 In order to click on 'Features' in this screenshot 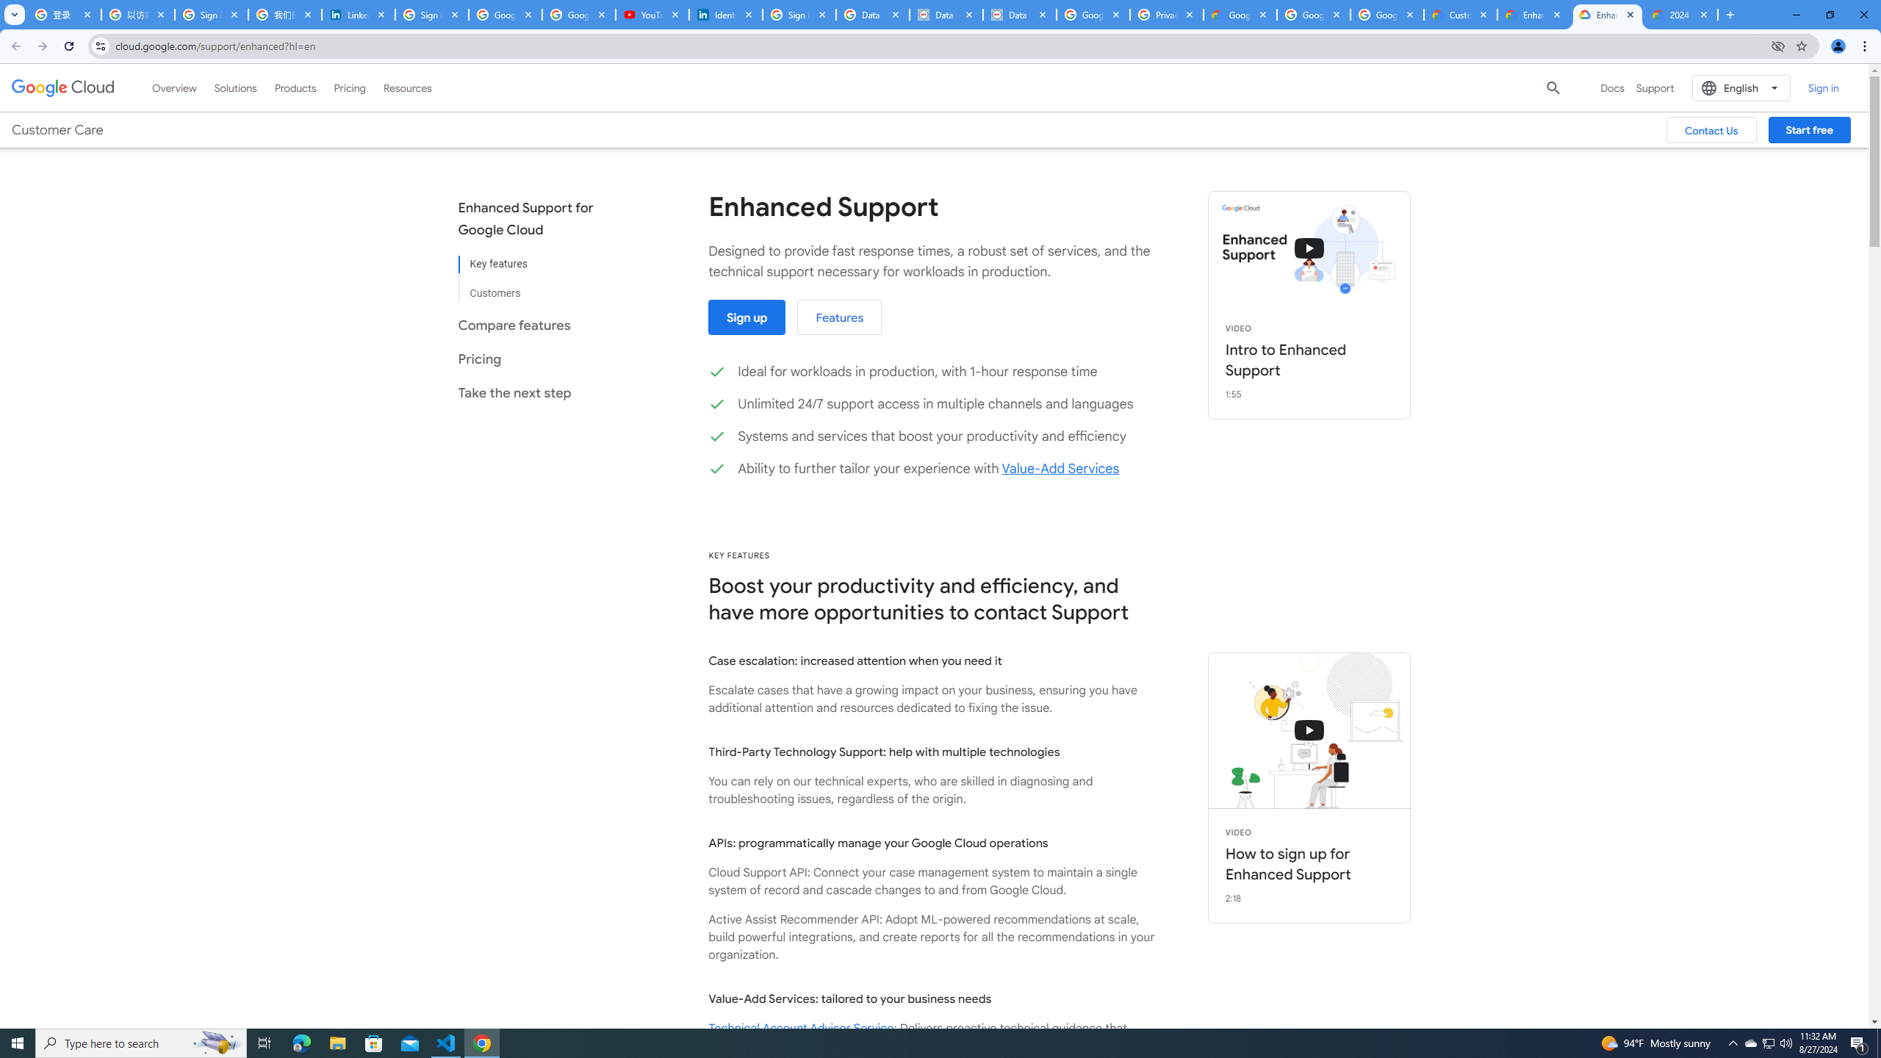, I will do `click(839, 317)`.